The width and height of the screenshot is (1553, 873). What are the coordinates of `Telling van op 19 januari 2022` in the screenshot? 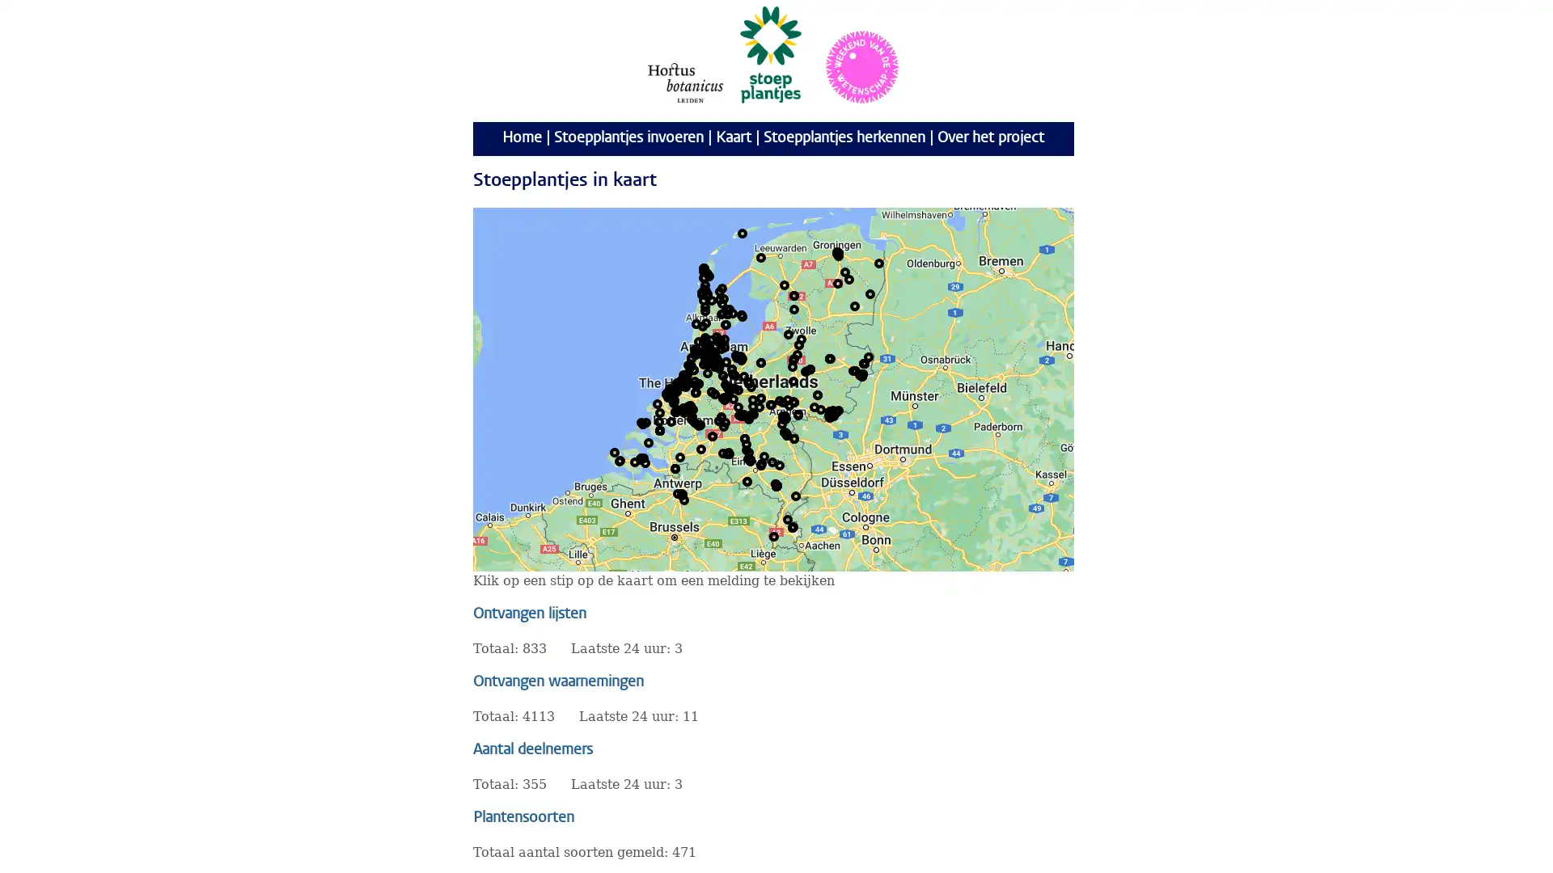 It's located at (706, 358).